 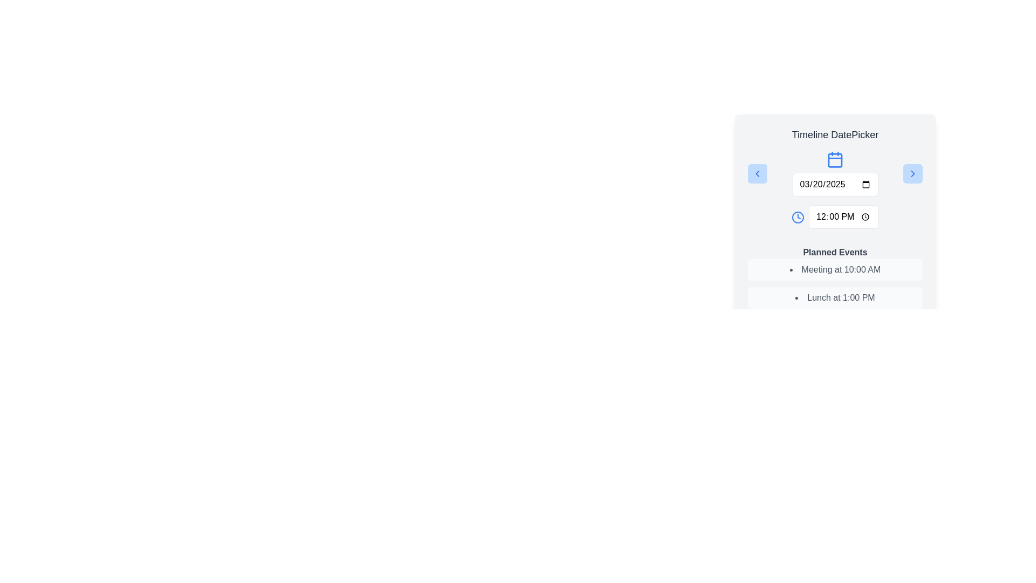 I want to click on the time field within the scheduler card to adjust the time, so click(x=835, y=222).